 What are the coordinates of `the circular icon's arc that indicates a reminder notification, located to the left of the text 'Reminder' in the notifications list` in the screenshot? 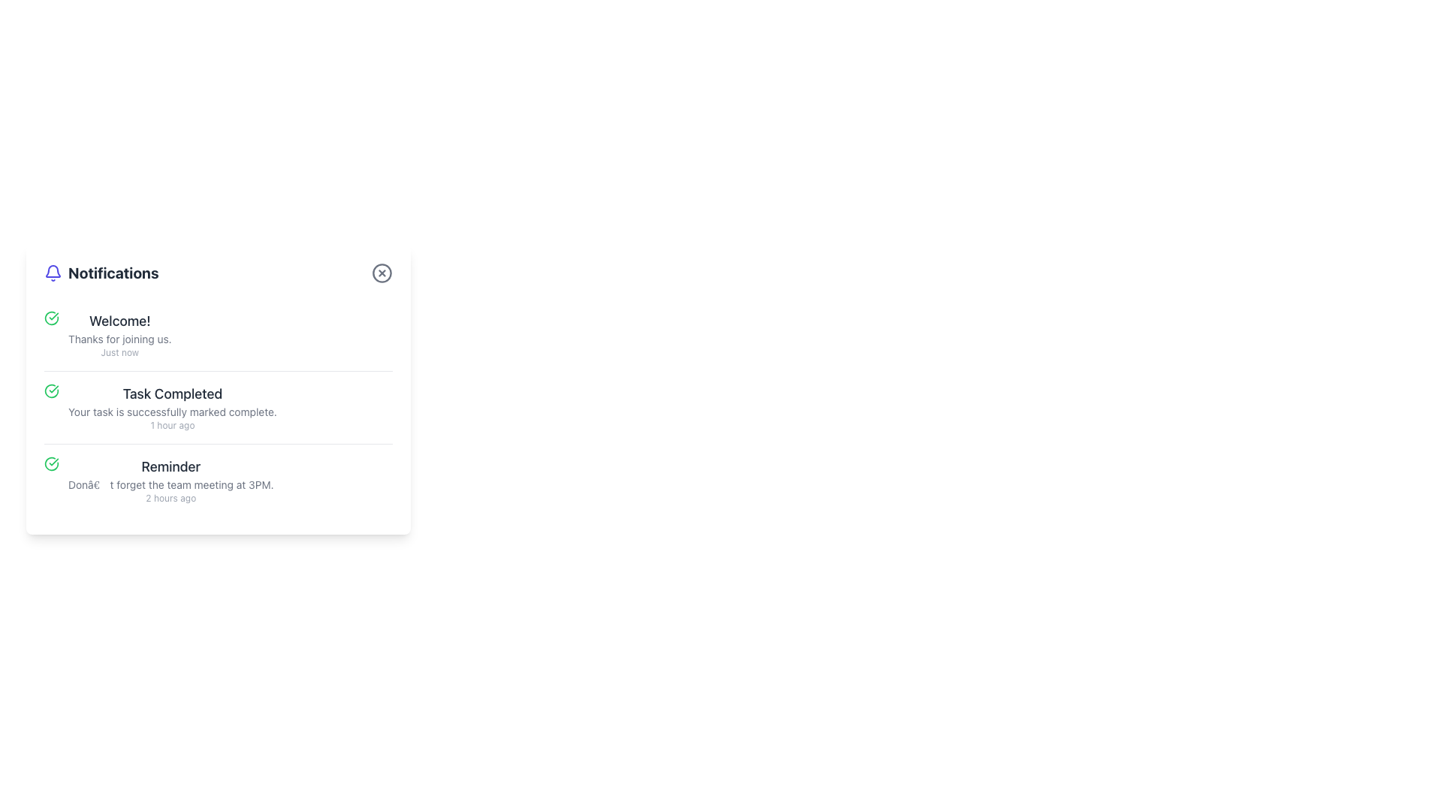 It's located at (51, 463).